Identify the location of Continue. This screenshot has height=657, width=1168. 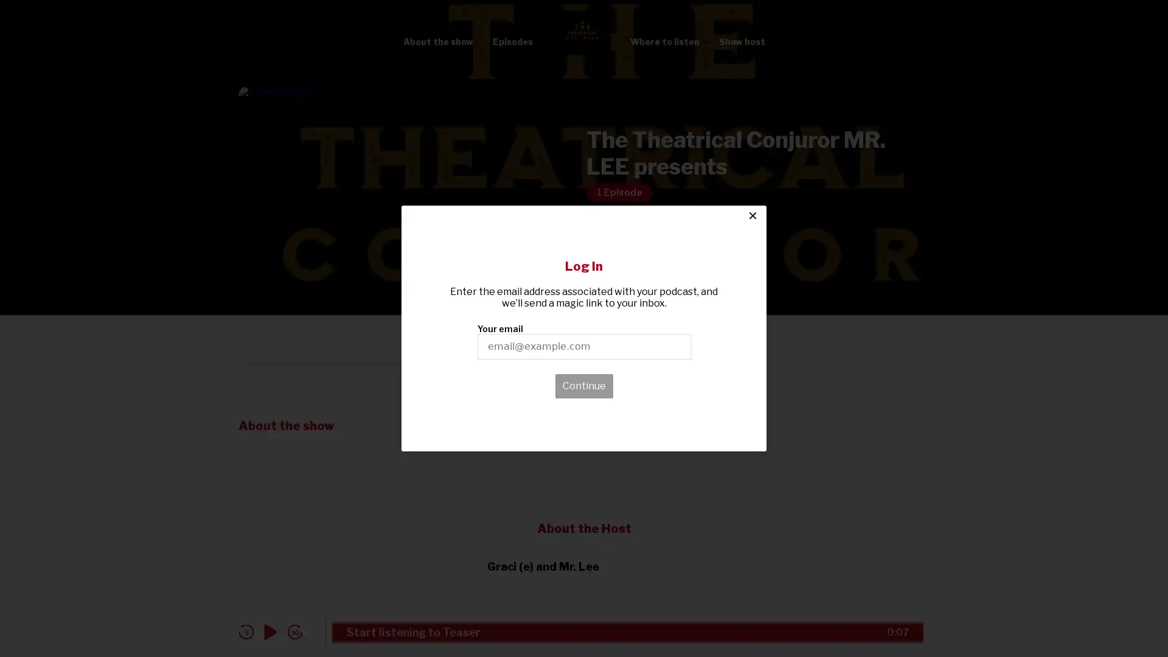
(583, 385).